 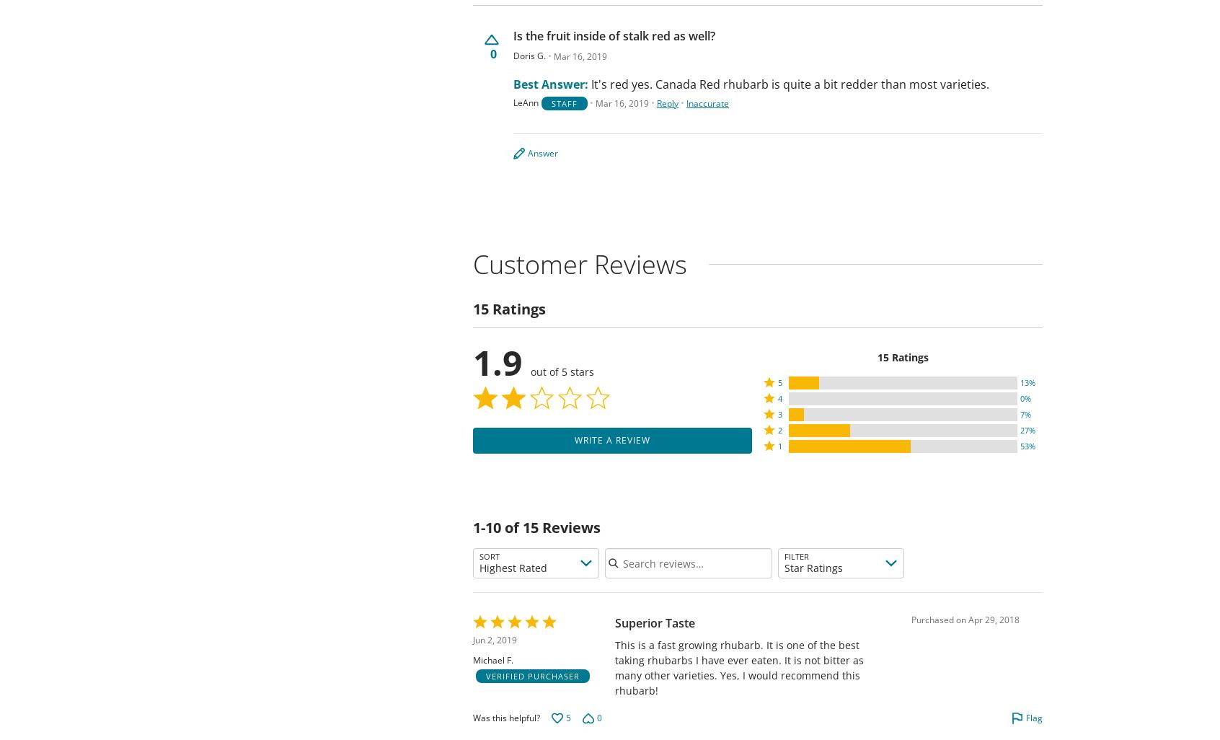 What do you see at coordinates (565, 102) in the screenshot?
I see `'staff'` at bounding box center [565, 102].